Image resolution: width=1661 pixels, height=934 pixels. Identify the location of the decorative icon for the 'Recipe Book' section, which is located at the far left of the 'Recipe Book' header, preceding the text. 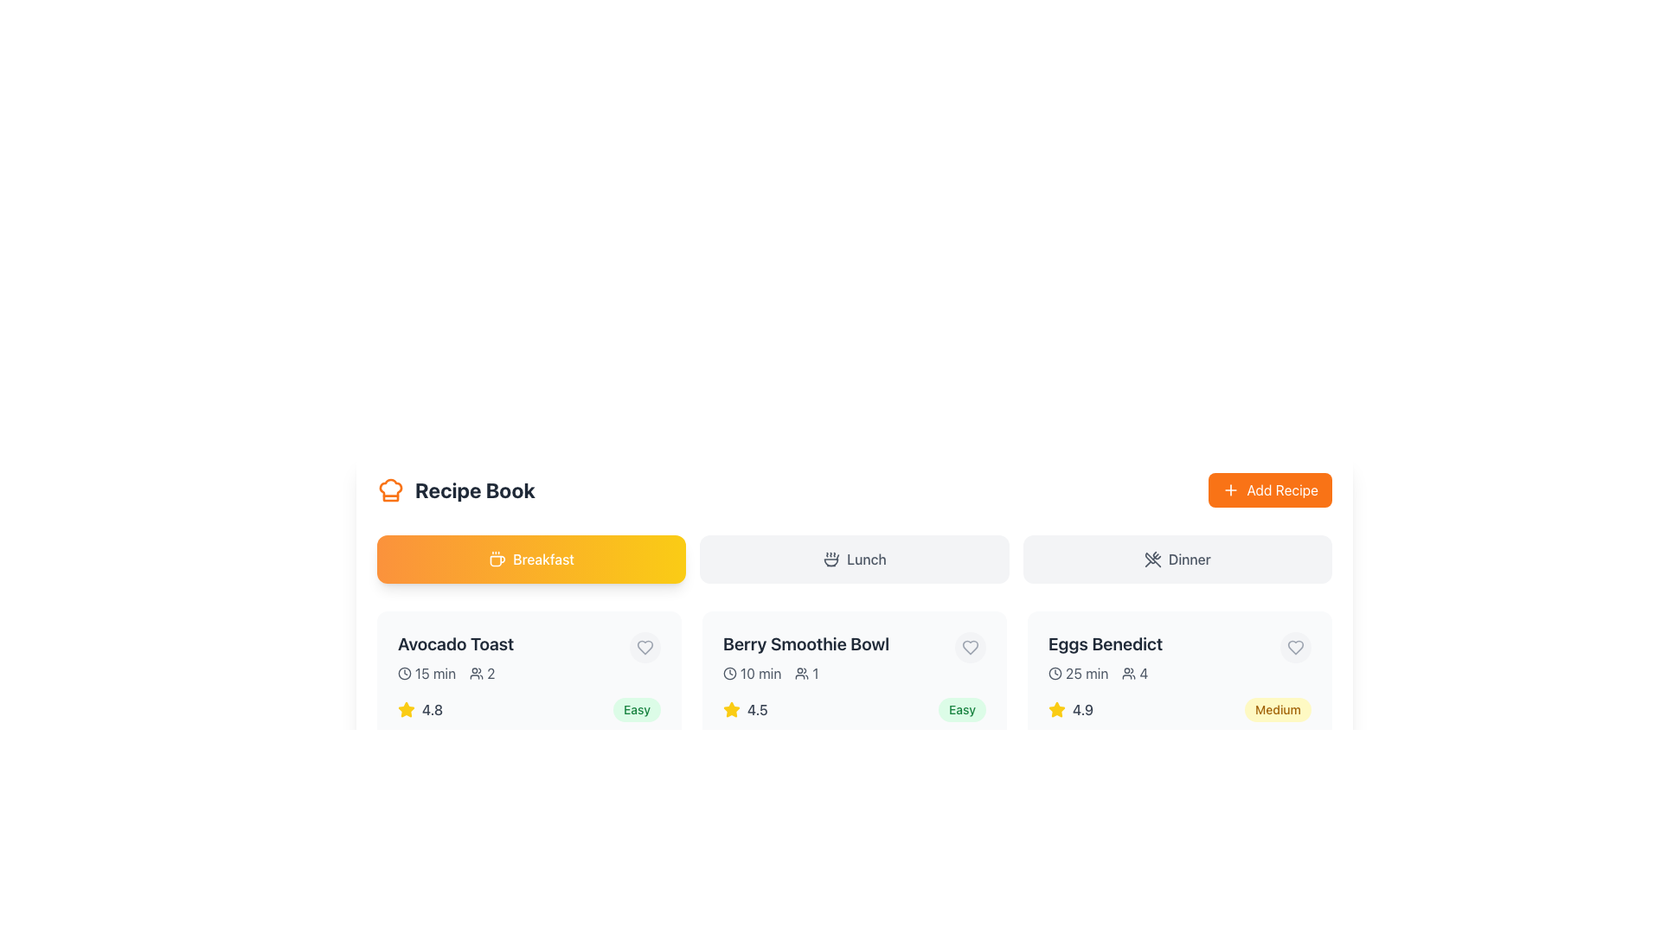
(389, 490).